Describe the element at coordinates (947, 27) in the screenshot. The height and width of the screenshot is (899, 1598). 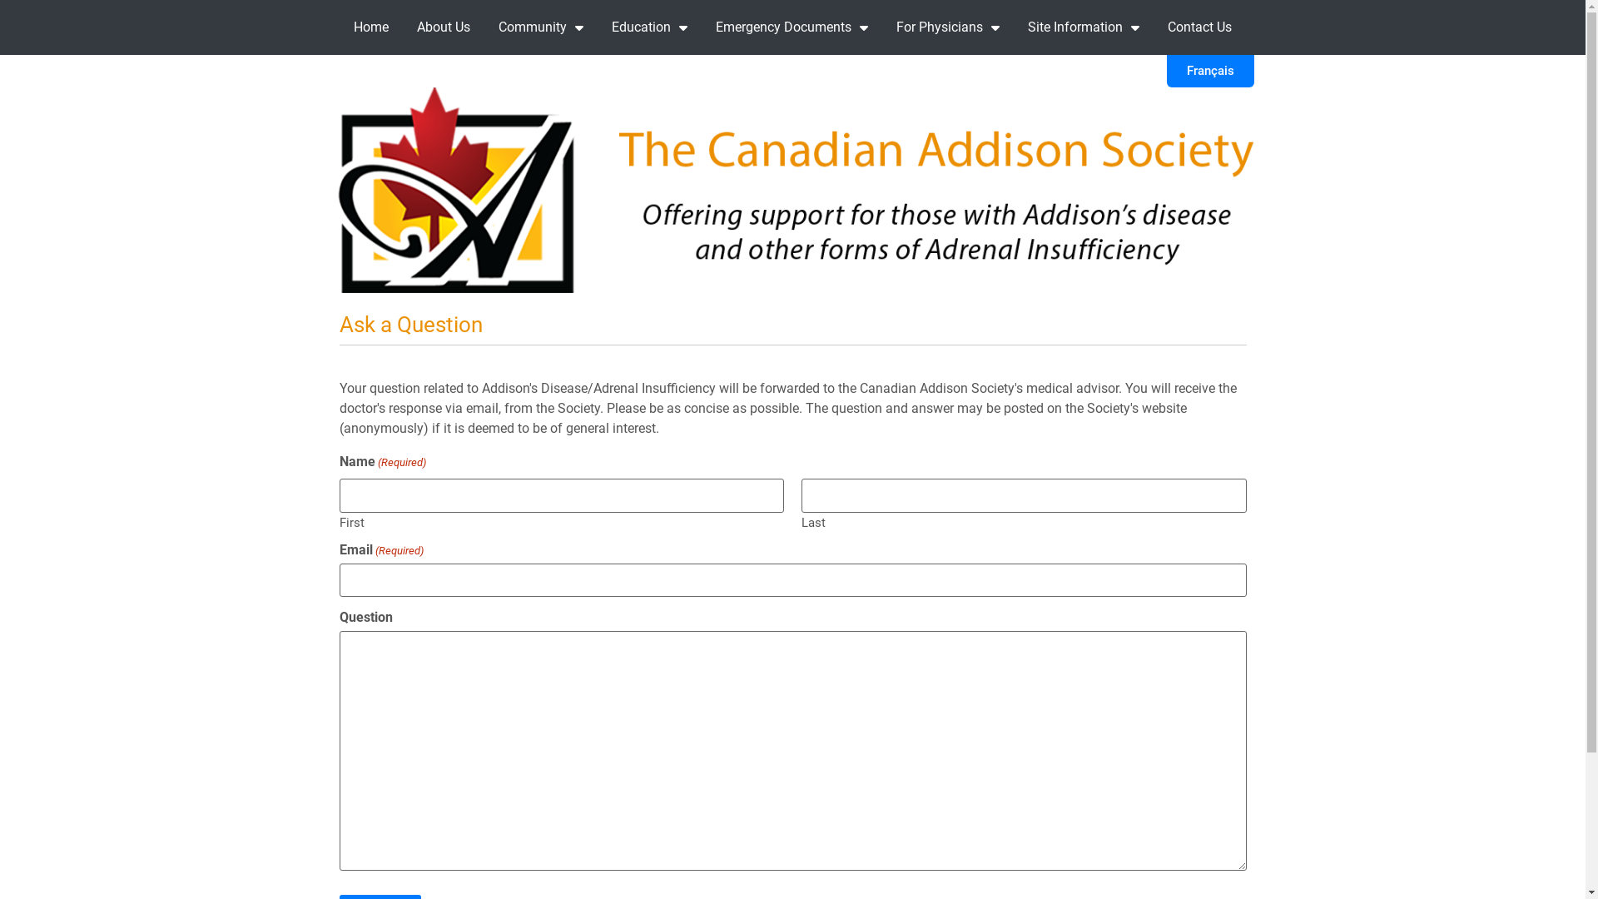
I see `'For Physicians'` at that location.